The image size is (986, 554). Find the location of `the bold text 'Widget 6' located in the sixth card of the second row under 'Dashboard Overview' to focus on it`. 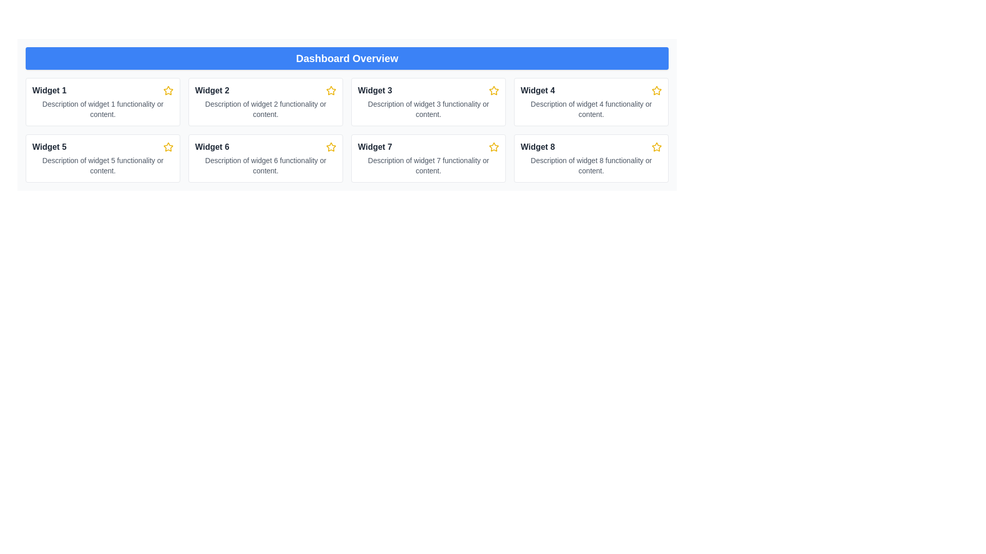

the bold text 'Widget 6' located in the sixth card of the second row under 'Dashboard Overview' to focus on it is located at coordinates (212, 147).